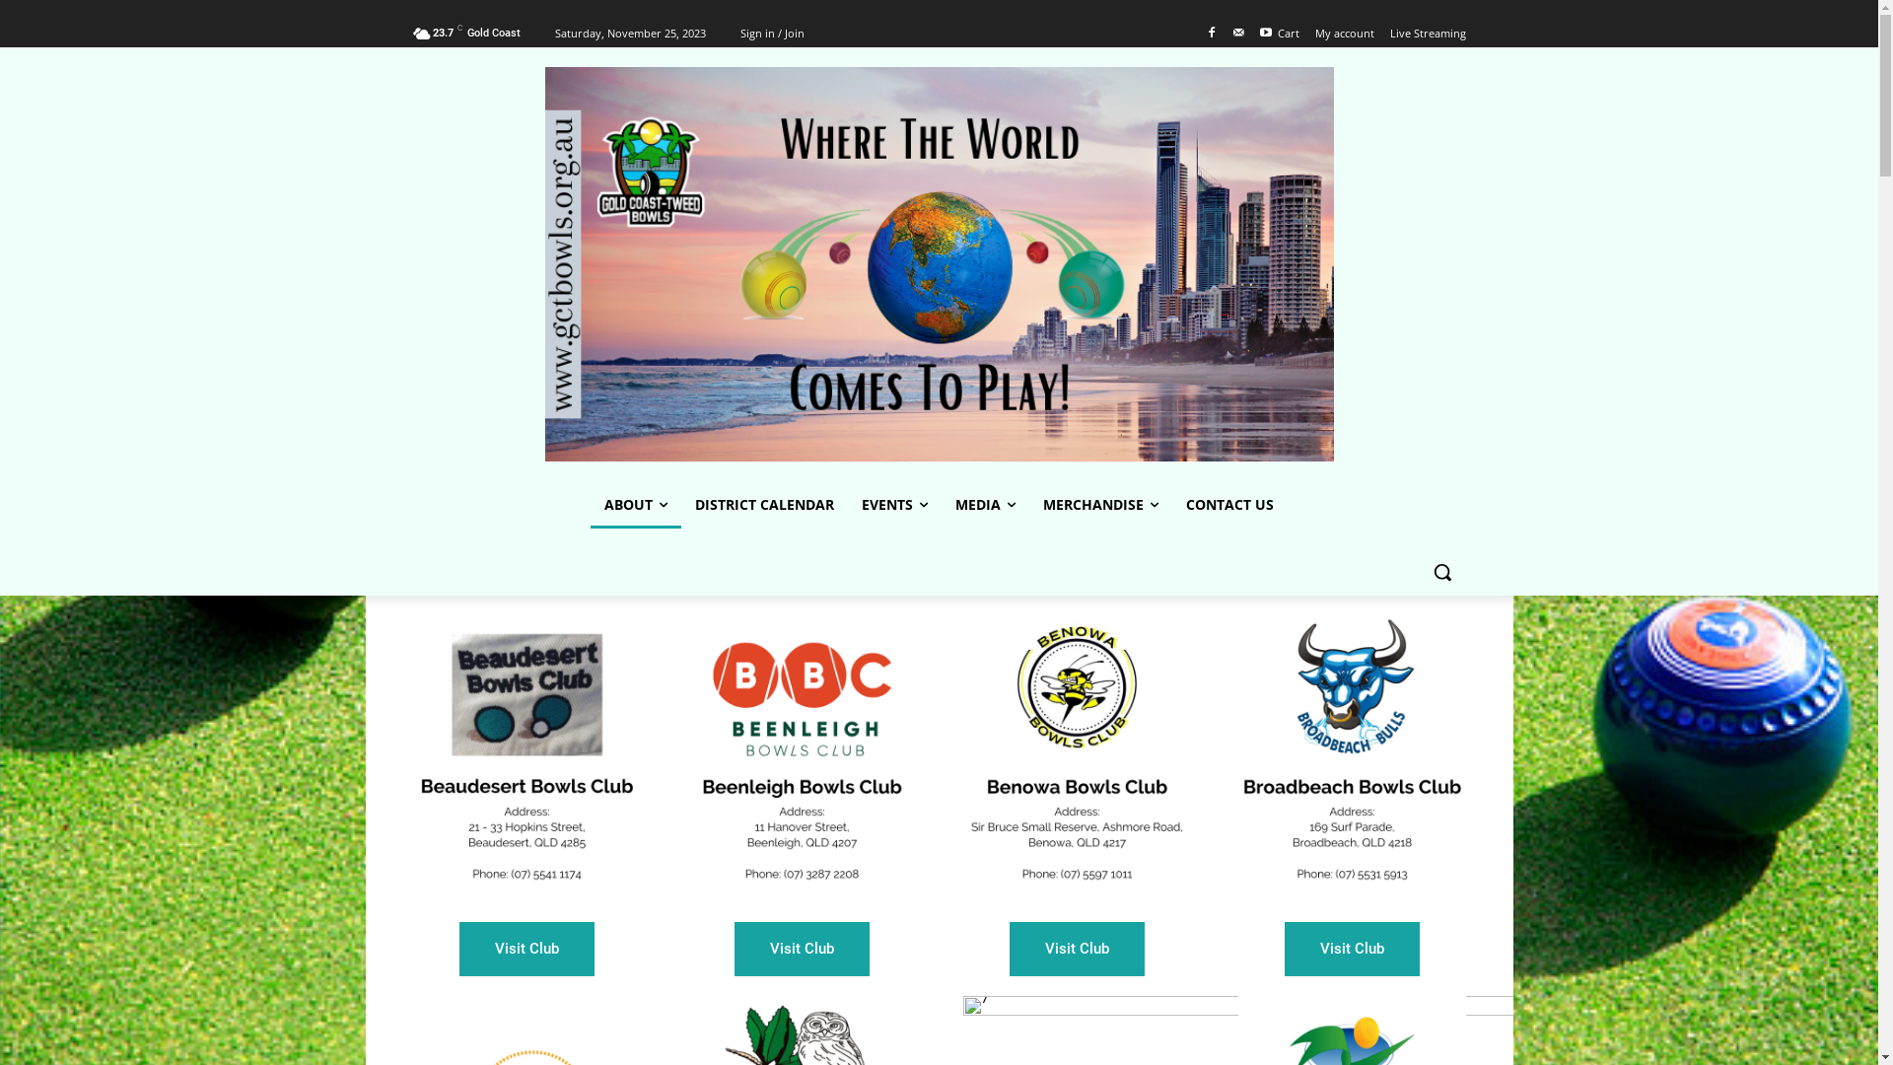  I want to click on 'My account', so click(1343, 34).